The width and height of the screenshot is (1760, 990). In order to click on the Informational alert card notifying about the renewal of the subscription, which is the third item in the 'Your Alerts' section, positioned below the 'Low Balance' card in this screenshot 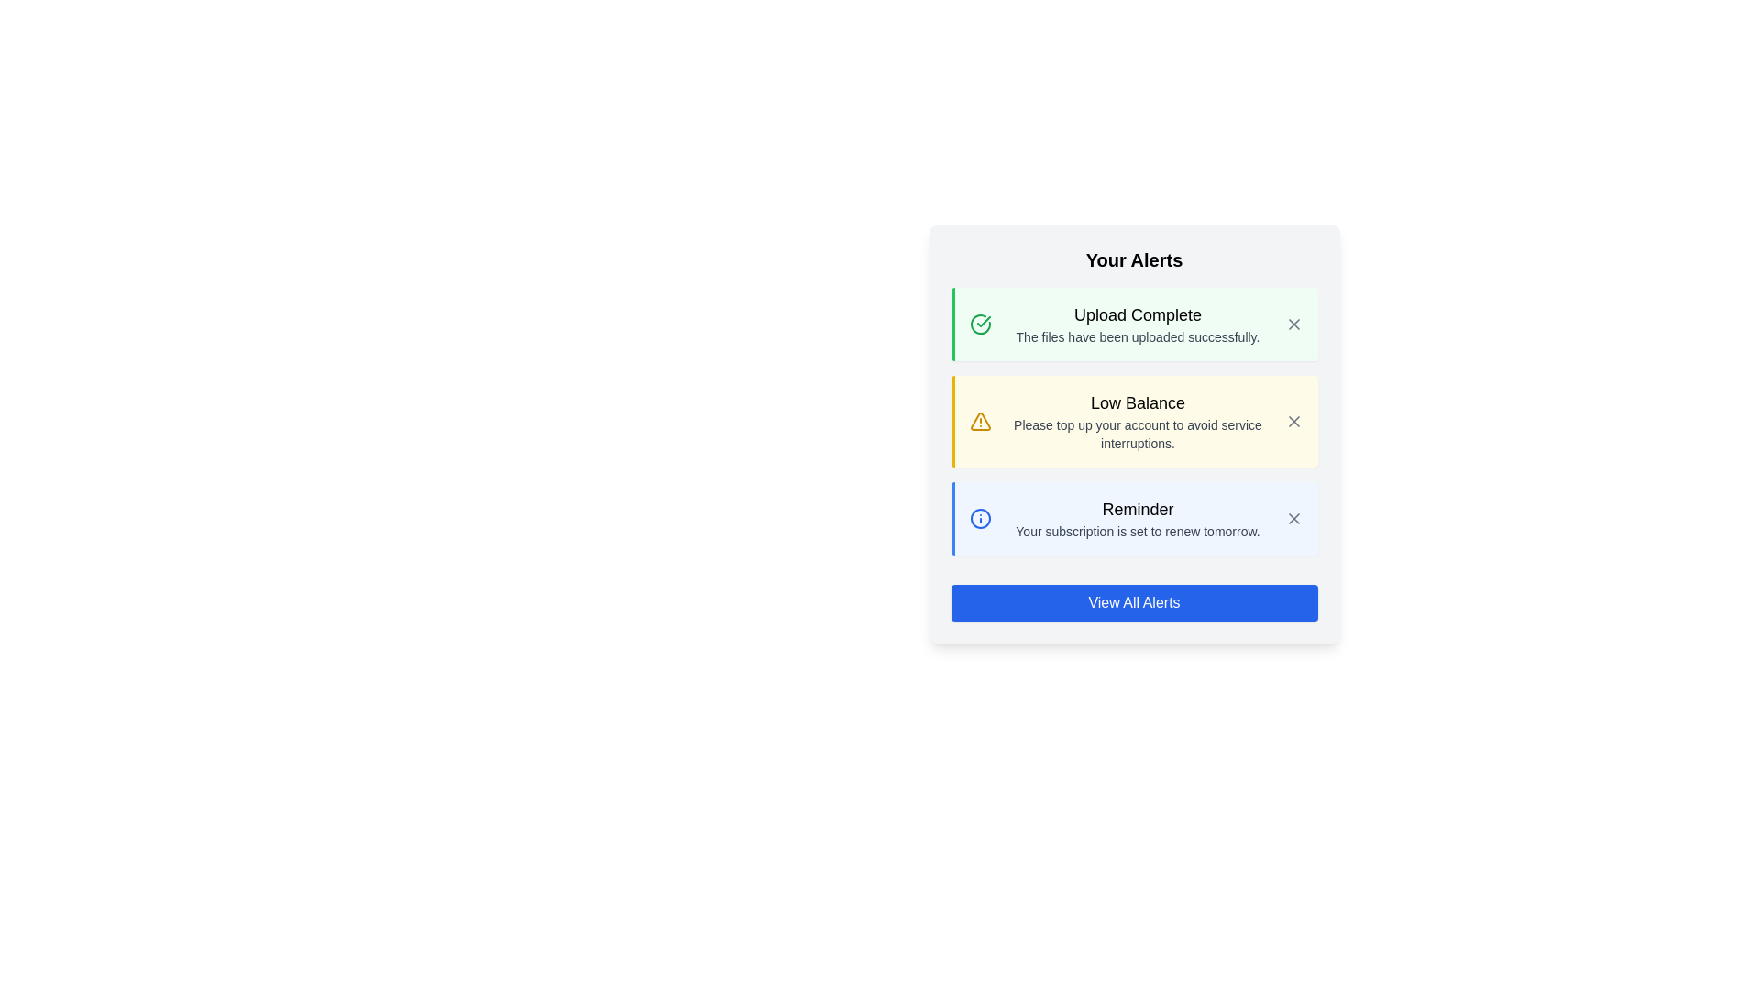, I will do `click(1133, 519)`.